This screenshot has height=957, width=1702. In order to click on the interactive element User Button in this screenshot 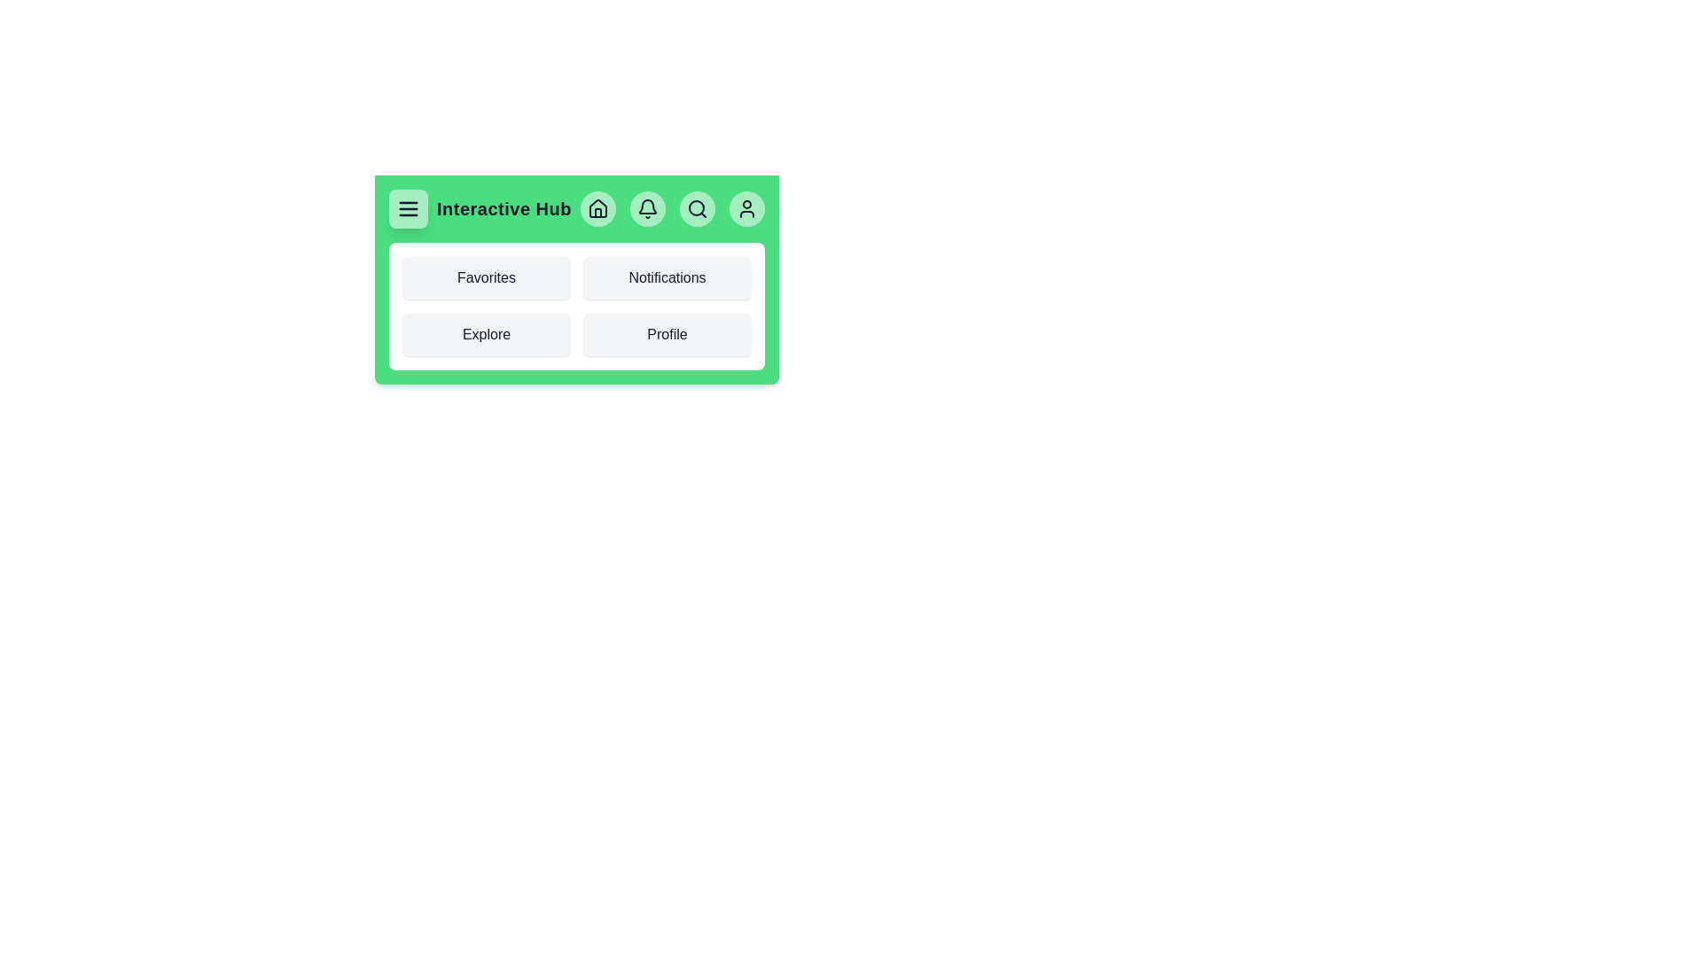, I will do `click(746, 207)`.